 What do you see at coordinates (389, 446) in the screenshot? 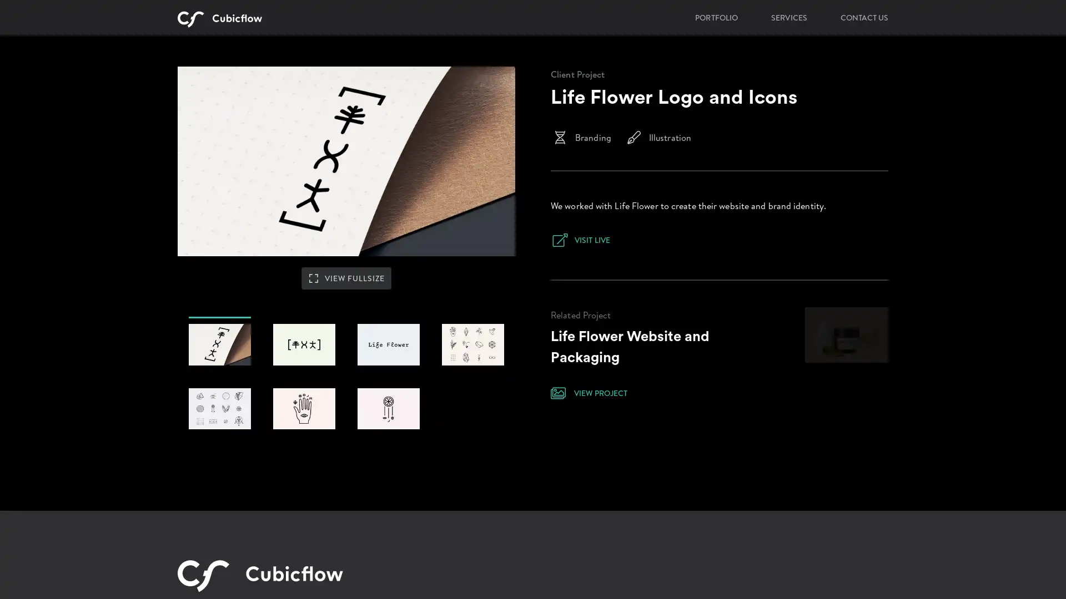
I see `#` at bounding box center [389, 446].